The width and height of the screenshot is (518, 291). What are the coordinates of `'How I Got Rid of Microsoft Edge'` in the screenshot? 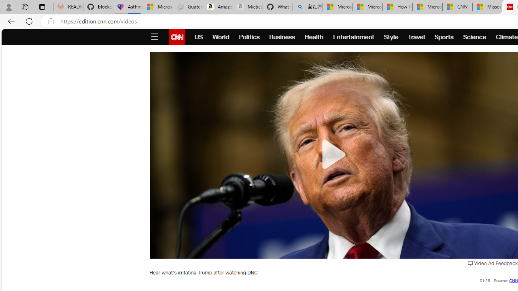 It's located at (397, 7).